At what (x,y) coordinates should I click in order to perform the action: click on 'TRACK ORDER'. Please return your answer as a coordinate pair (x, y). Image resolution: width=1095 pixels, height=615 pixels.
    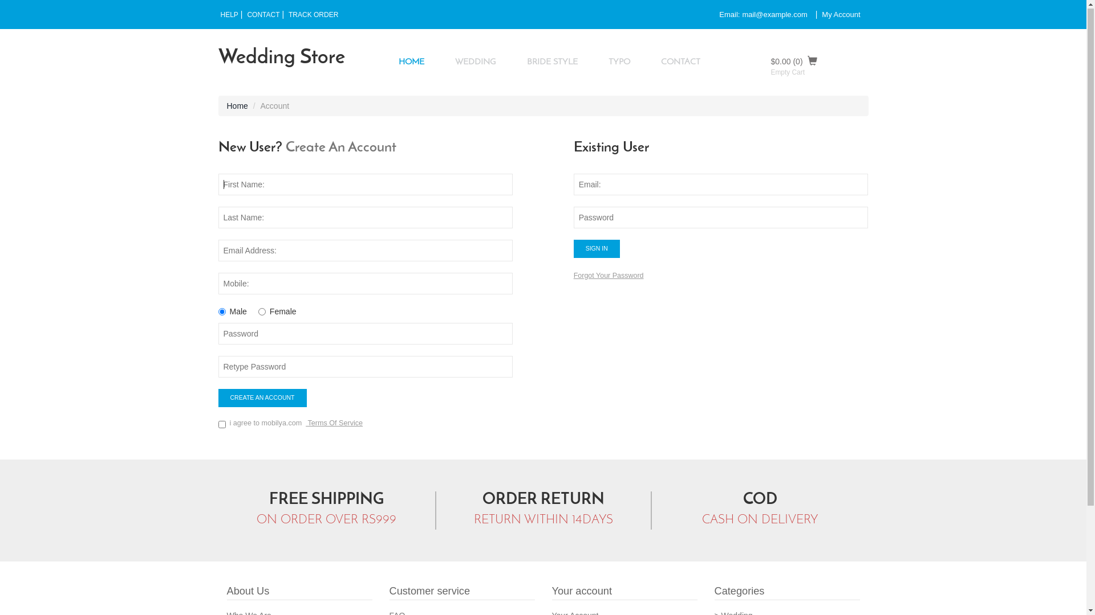
    Looking at the image, I should click on (313, 15).